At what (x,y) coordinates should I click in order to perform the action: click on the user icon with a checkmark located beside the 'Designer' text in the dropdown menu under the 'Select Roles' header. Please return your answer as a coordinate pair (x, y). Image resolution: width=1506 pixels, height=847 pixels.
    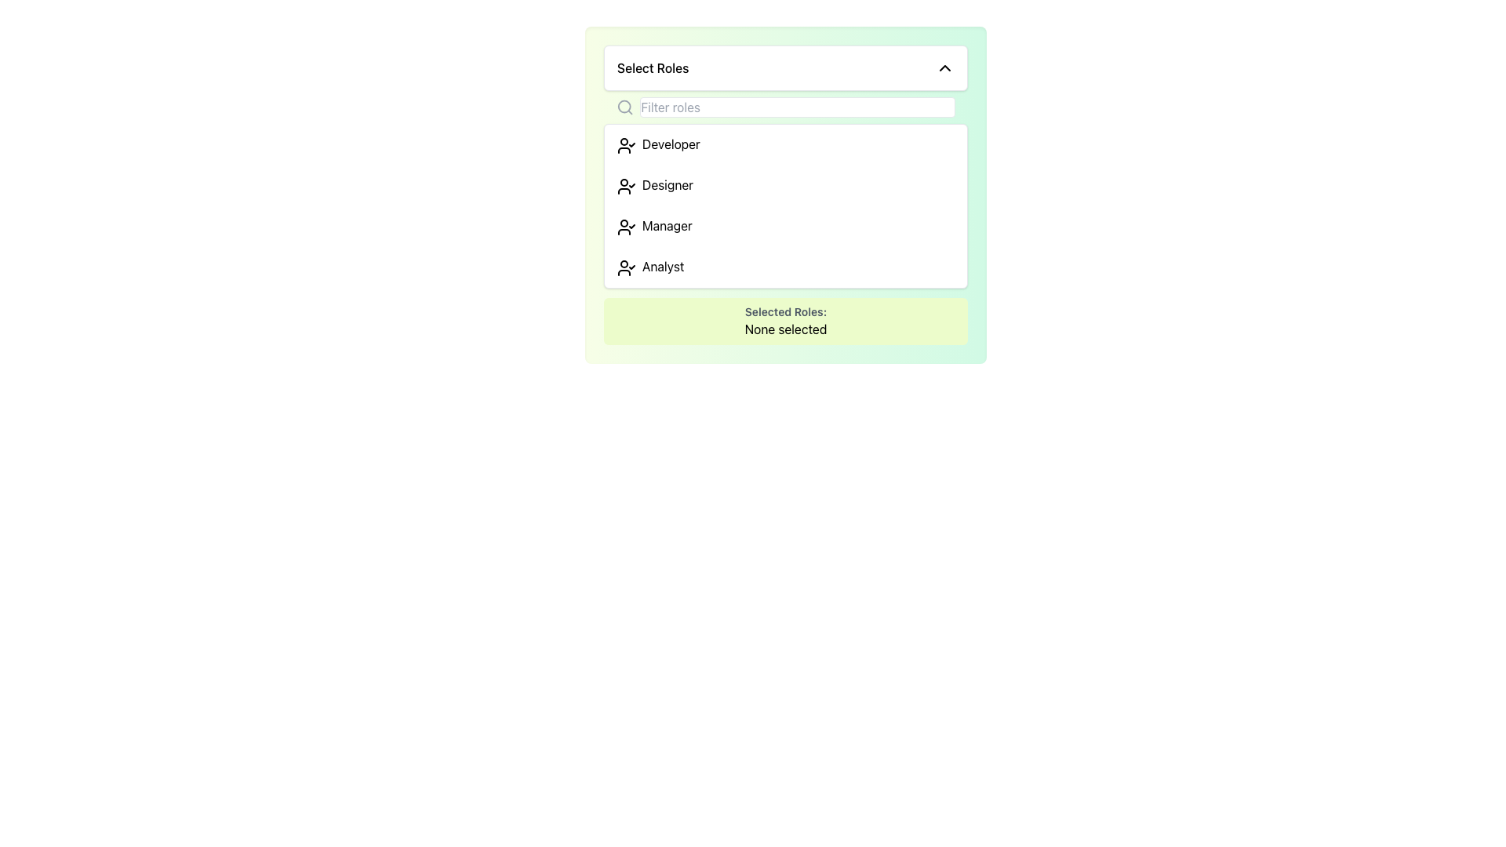
    Looking at the image, I should click on (625, 184).